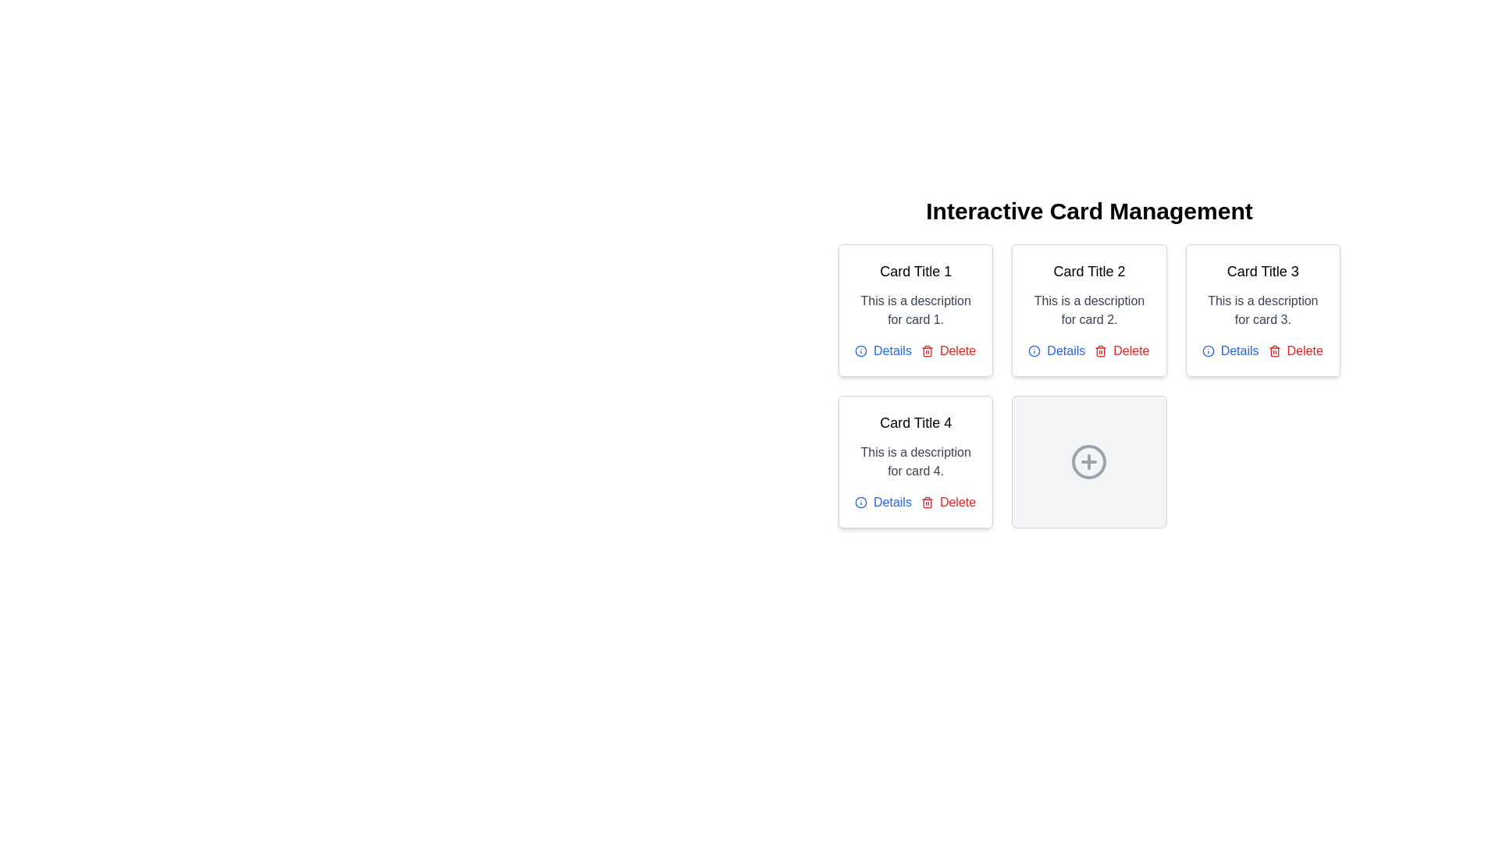 Image resolution: width=1499 pixels, height=843 pixels. I want to click on the circular vector graphic element that is part of an SVG icon, contributing to the visual representation of an informational symbol, so click(1207, 351).